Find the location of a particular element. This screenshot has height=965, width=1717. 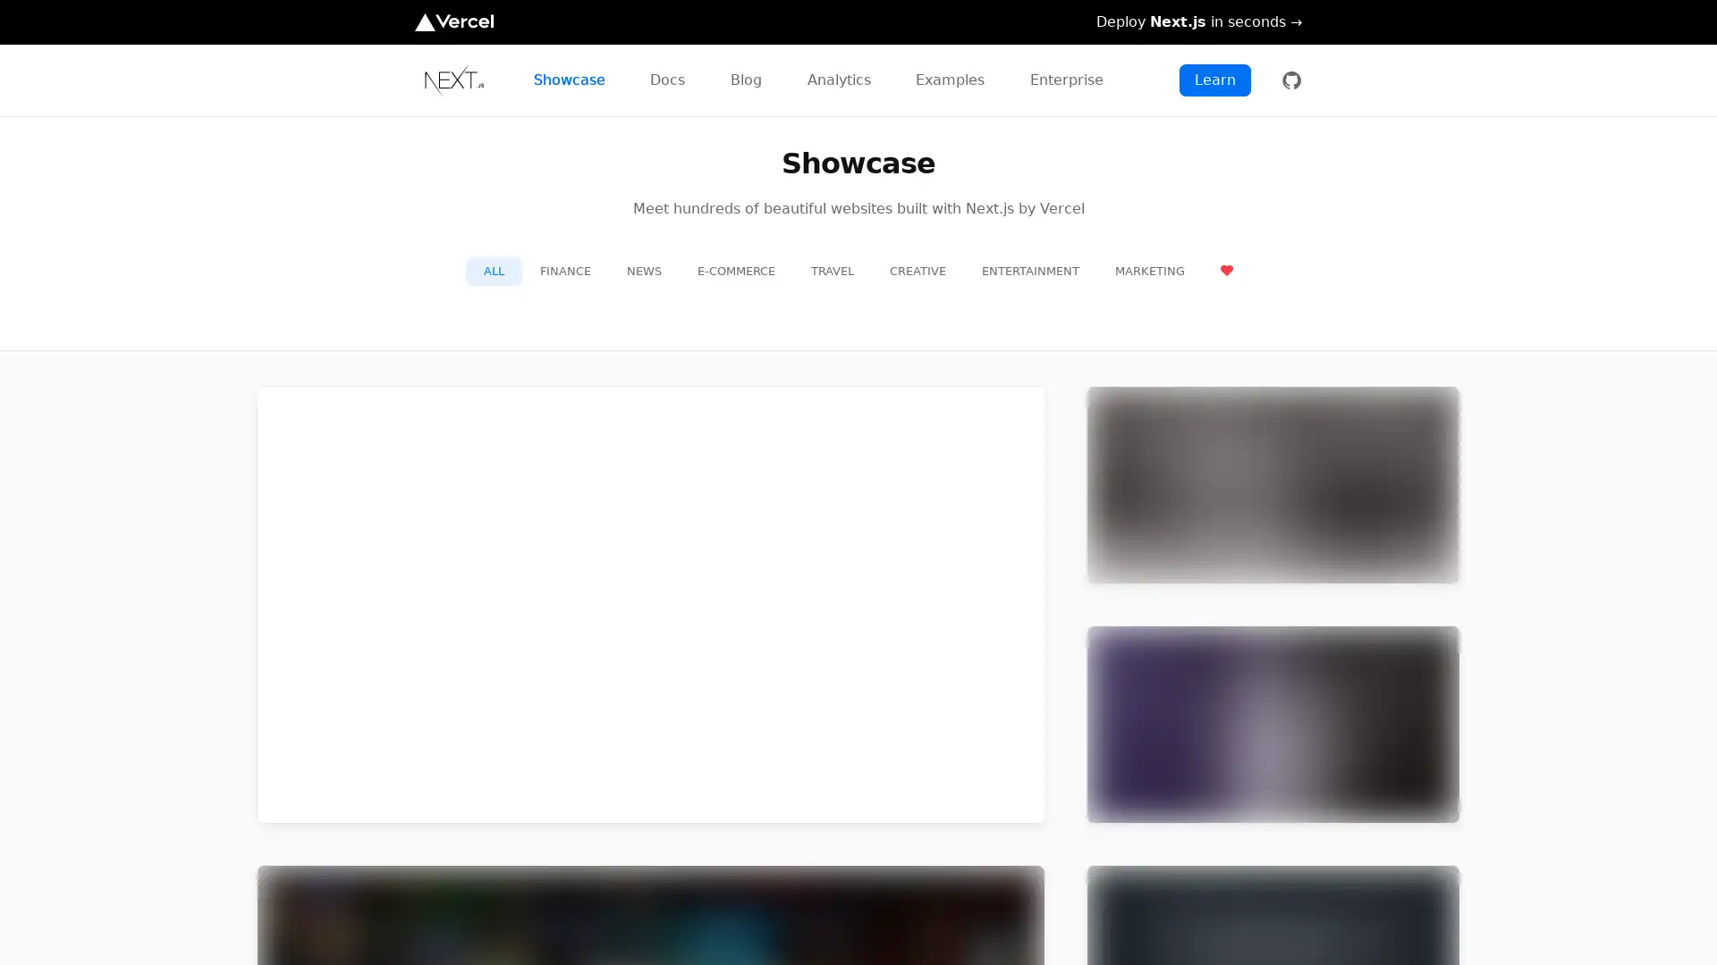

E-COMMERCE is located at coordinates (736, 271).